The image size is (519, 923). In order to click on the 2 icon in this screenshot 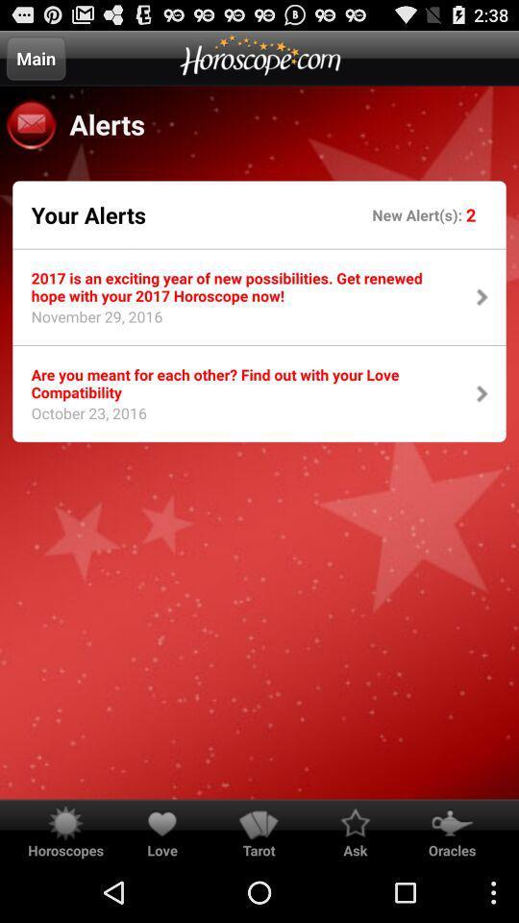, I will do `click(470, 214)`.